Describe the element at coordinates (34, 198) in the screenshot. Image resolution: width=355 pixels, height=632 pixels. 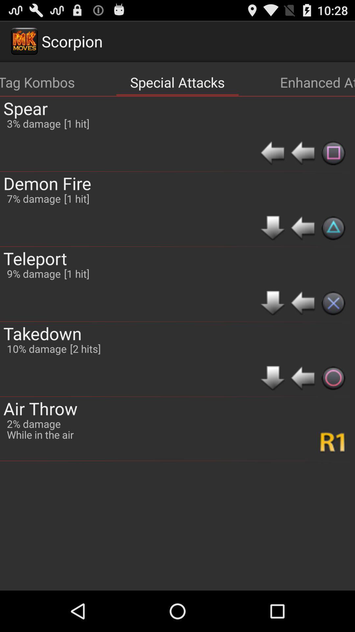
I see `item above the teleport icon` at that location.